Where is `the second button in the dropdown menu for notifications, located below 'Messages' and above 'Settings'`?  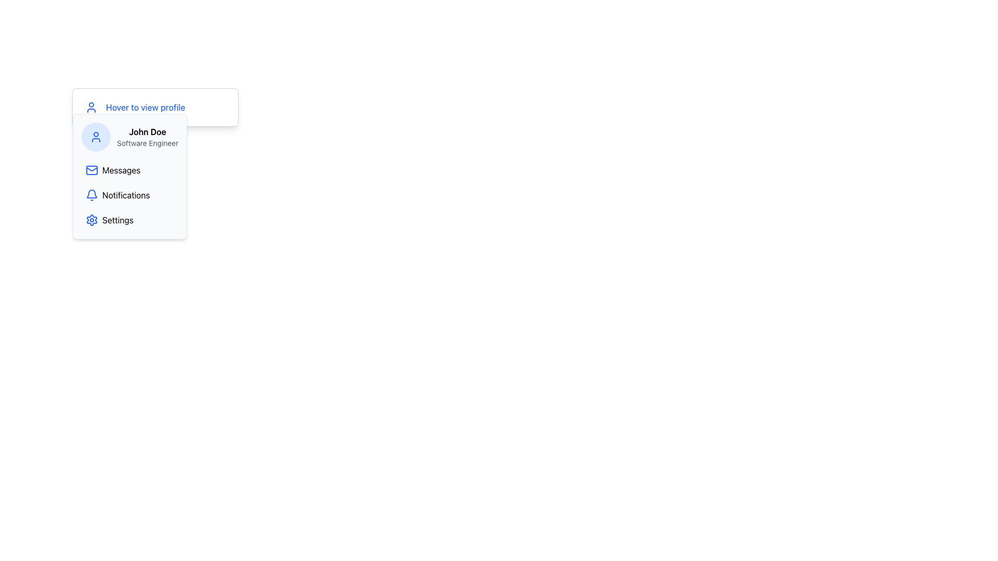 the second button in the dropdown menu for notifications, located below 'Messages' and above 'Settings' is located at coordinates (129, 195).